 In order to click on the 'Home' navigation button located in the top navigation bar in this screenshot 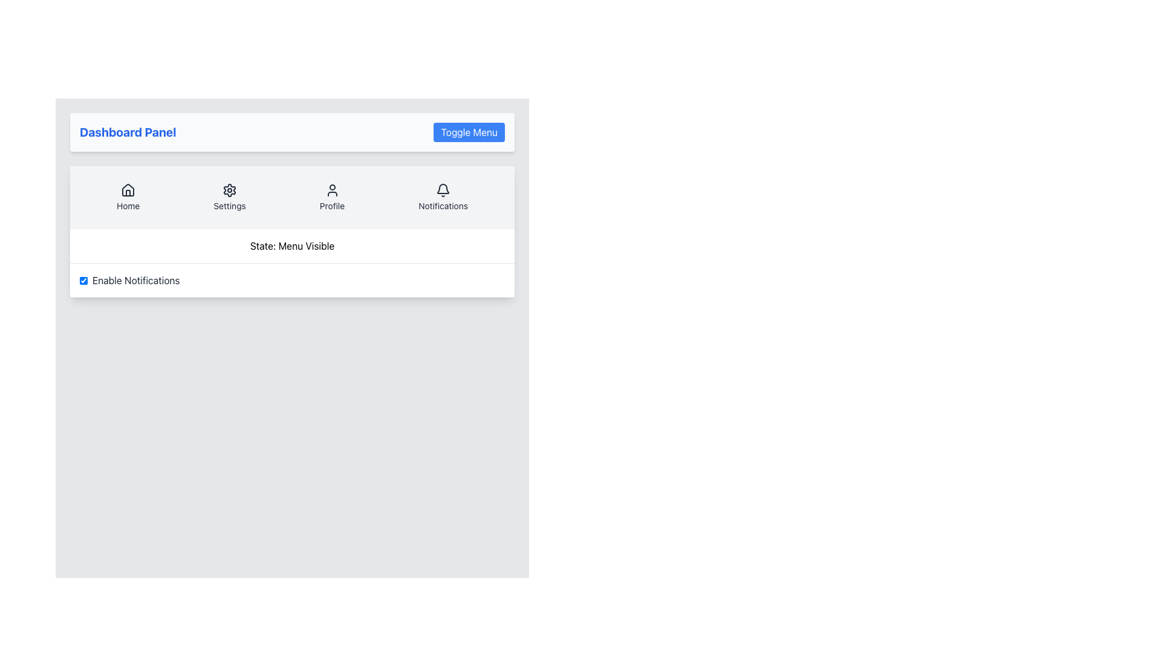, I will do `click(128, 197)`.